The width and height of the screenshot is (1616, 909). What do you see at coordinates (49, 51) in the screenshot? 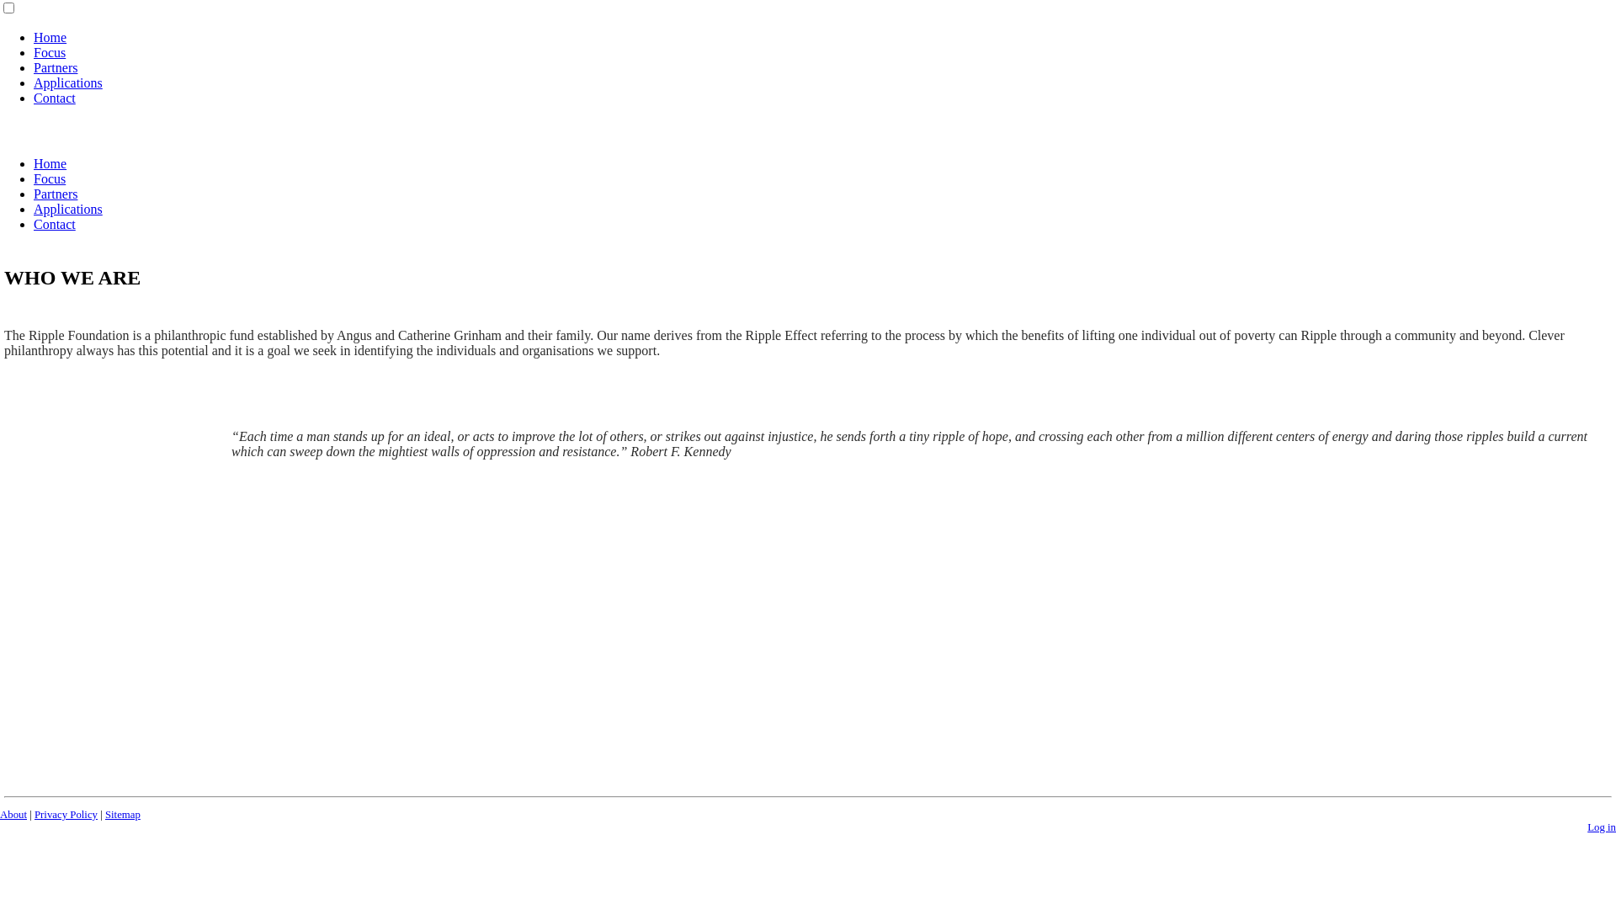
I see `'Focus'` at bounding box center [49, 51].